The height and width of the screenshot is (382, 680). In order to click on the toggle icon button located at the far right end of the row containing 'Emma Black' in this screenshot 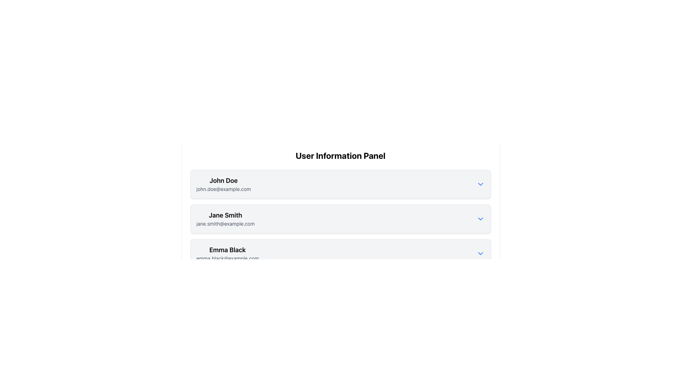, I will do `click(480, 253)`.